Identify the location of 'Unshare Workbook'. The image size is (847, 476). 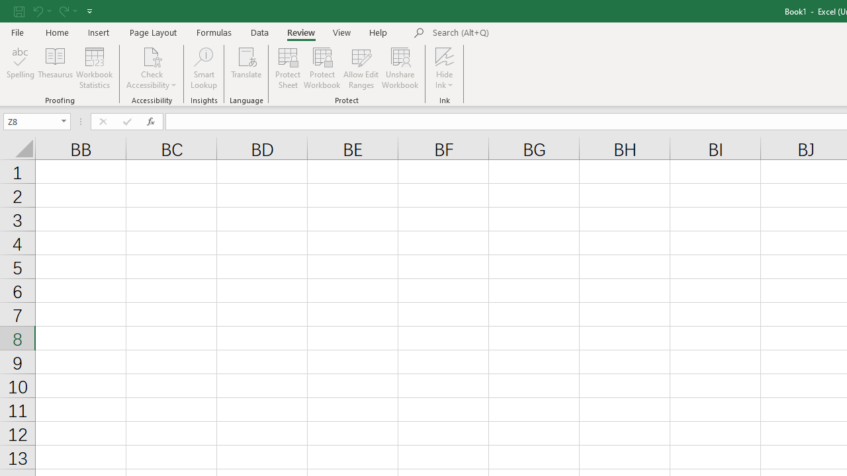
(399, 68).